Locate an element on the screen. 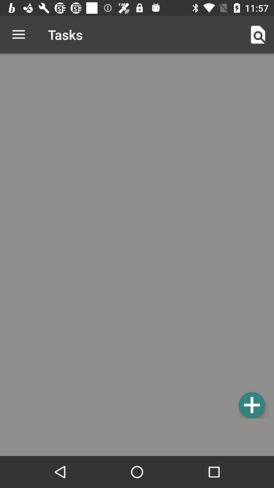 The height and width of the screenshot is (488, 274). the item at the bottom right corner is located at coordinates (251, 405).